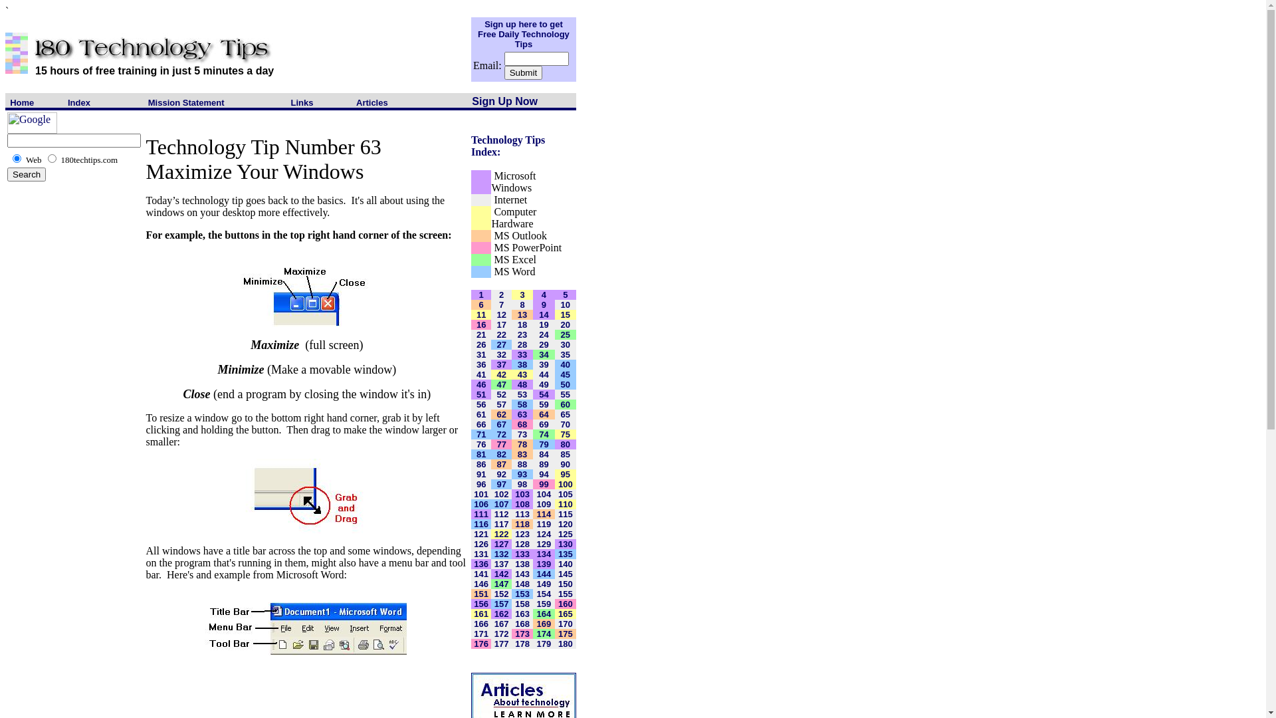 Image resolution: width=1276 pixels, height=718 pixels. What do you see at coordinates (544, 572) in the screenshot?
I see `'144'` at bounding box center [544, 572].